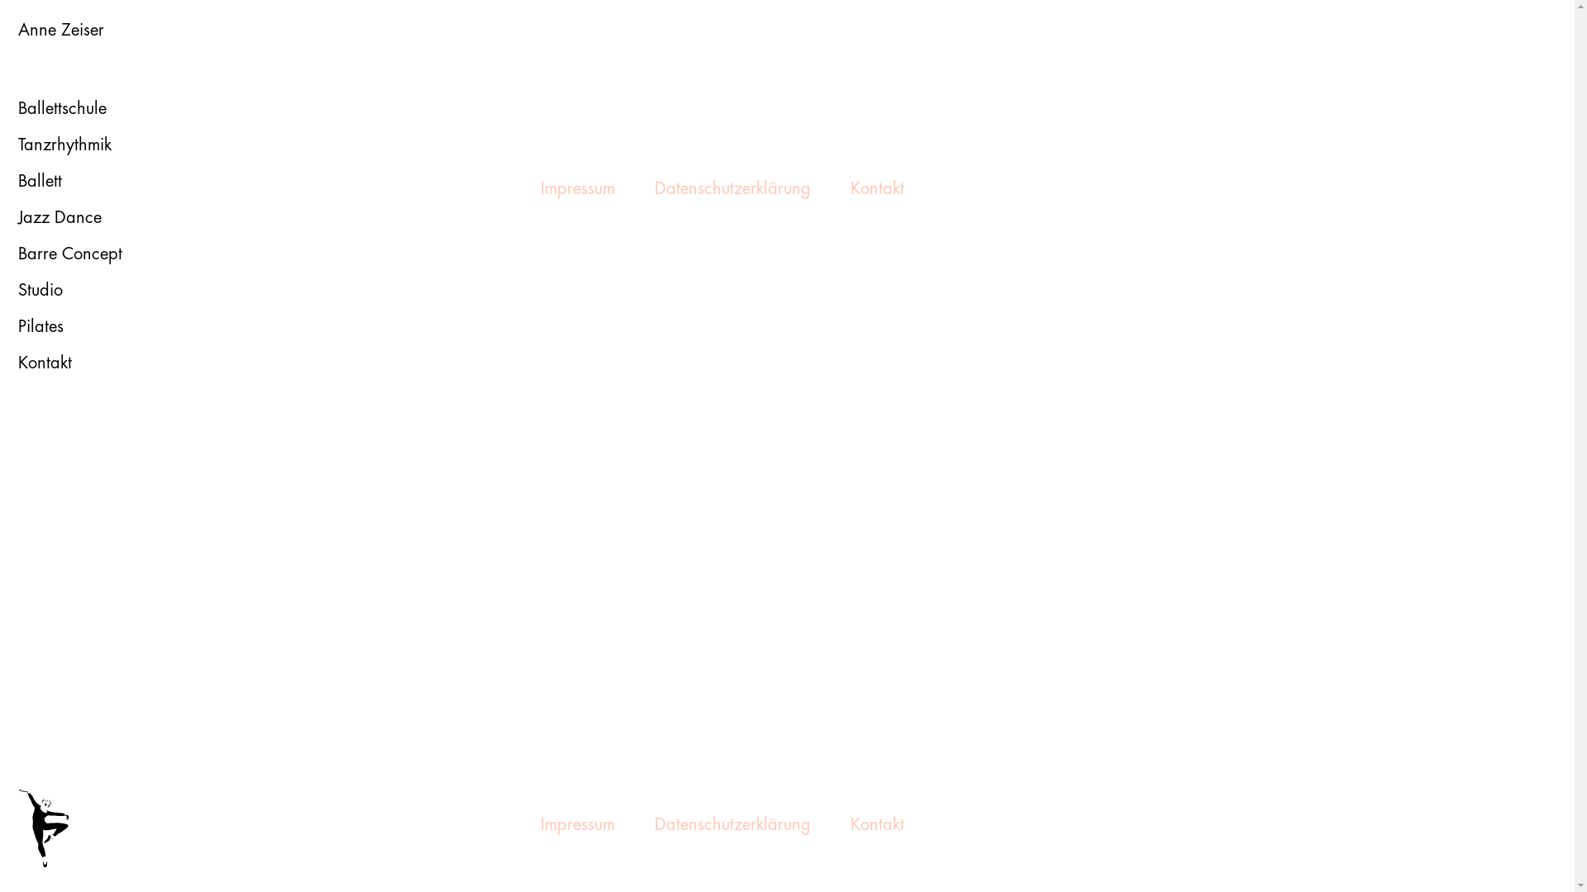 This screenshot has height=892, width=1587. Describe the element at coordinates (64, 144) in the screenshot. I see `'Tanzrhythmik'` at that location.